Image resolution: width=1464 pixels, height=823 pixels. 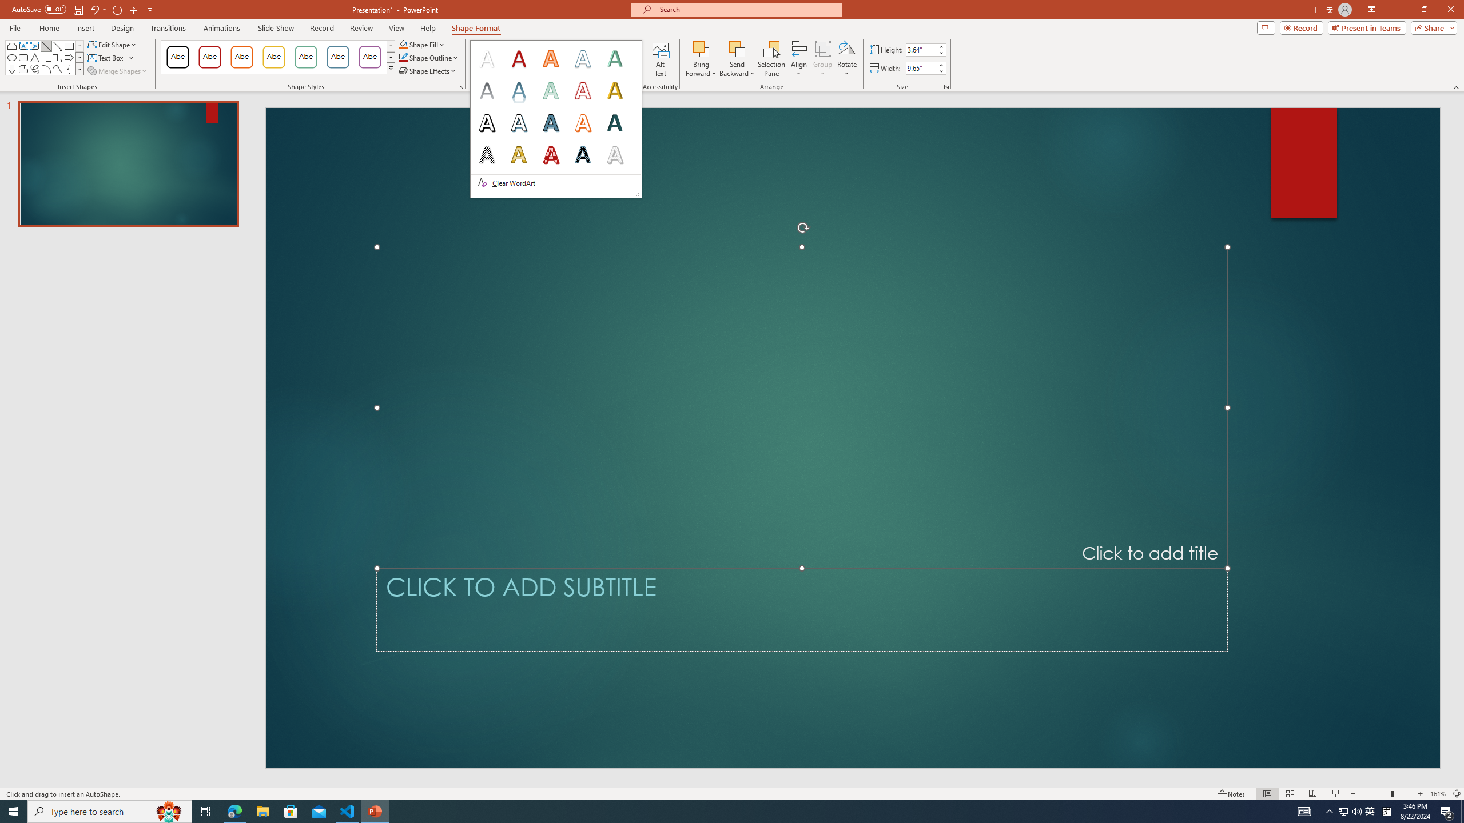 What do you see at coordinates (946, 86) in the screenshot?
I see `'Size and Position...'` at bounding box center [946, 86].